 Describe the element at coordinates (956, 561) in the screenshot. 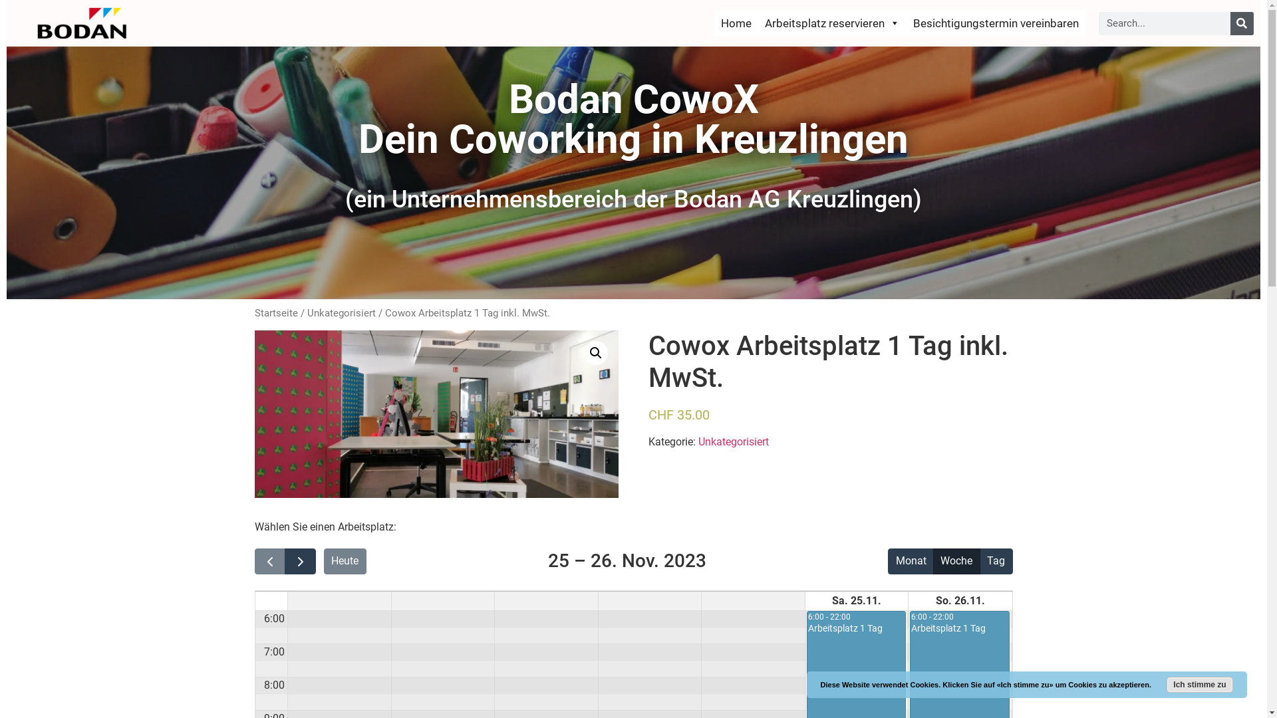

I see `'Woche'` at that location.